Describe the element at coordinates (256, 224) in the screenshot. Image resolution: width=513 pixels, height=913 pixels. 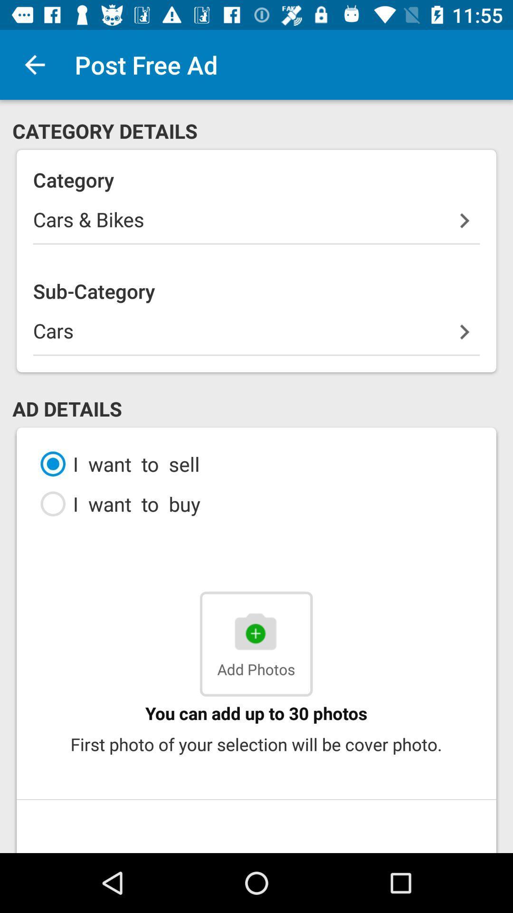
I see `icon above sub-category` at that location.